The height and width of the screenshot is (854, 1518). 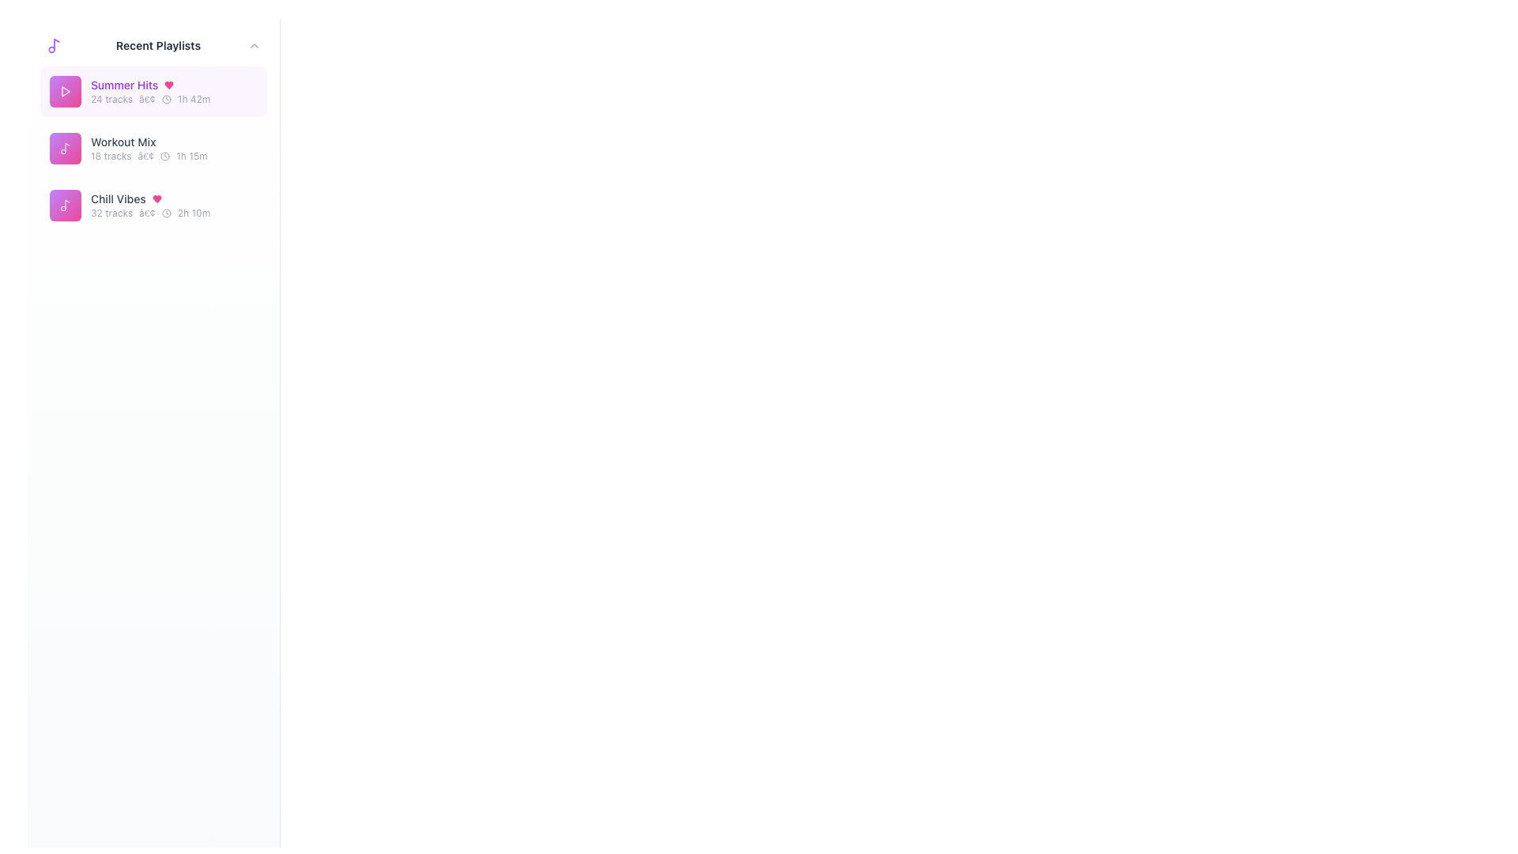 What do you see at coordinates (158, 44) in the screenshot?
I see `the 'Recent Playlists' text label, which is a bold dark gray sans-serif font located in the top-left area of the interface` at bounding box center [158, 44].